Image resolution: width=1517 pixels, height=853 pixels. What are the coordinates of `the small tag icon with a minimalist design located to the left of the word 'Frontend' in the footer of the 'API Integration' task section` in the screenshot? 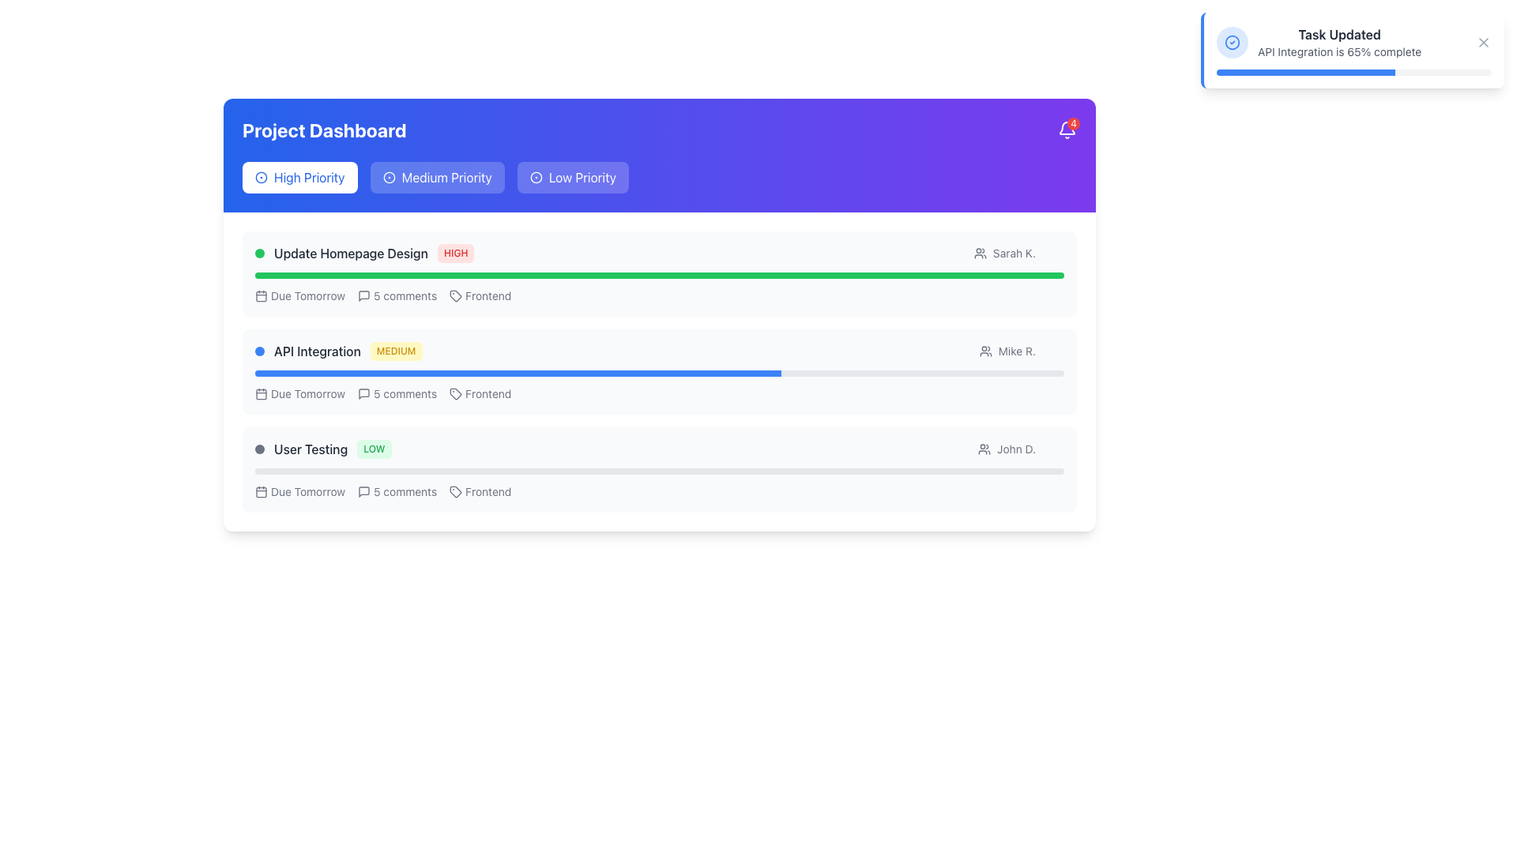 It's located at (455, 491).